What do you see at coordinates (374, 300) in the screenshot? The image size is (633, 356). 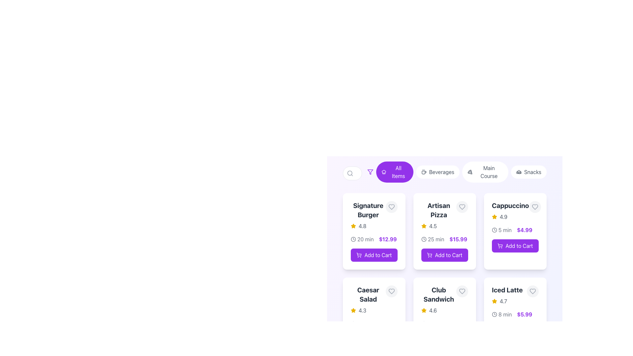 I see `star rating displayed next to the 'Caesar Salad' text block, which shows a rating of '4.3' and is accompanied by a yellow star icon` at bounding box center [374, 300].